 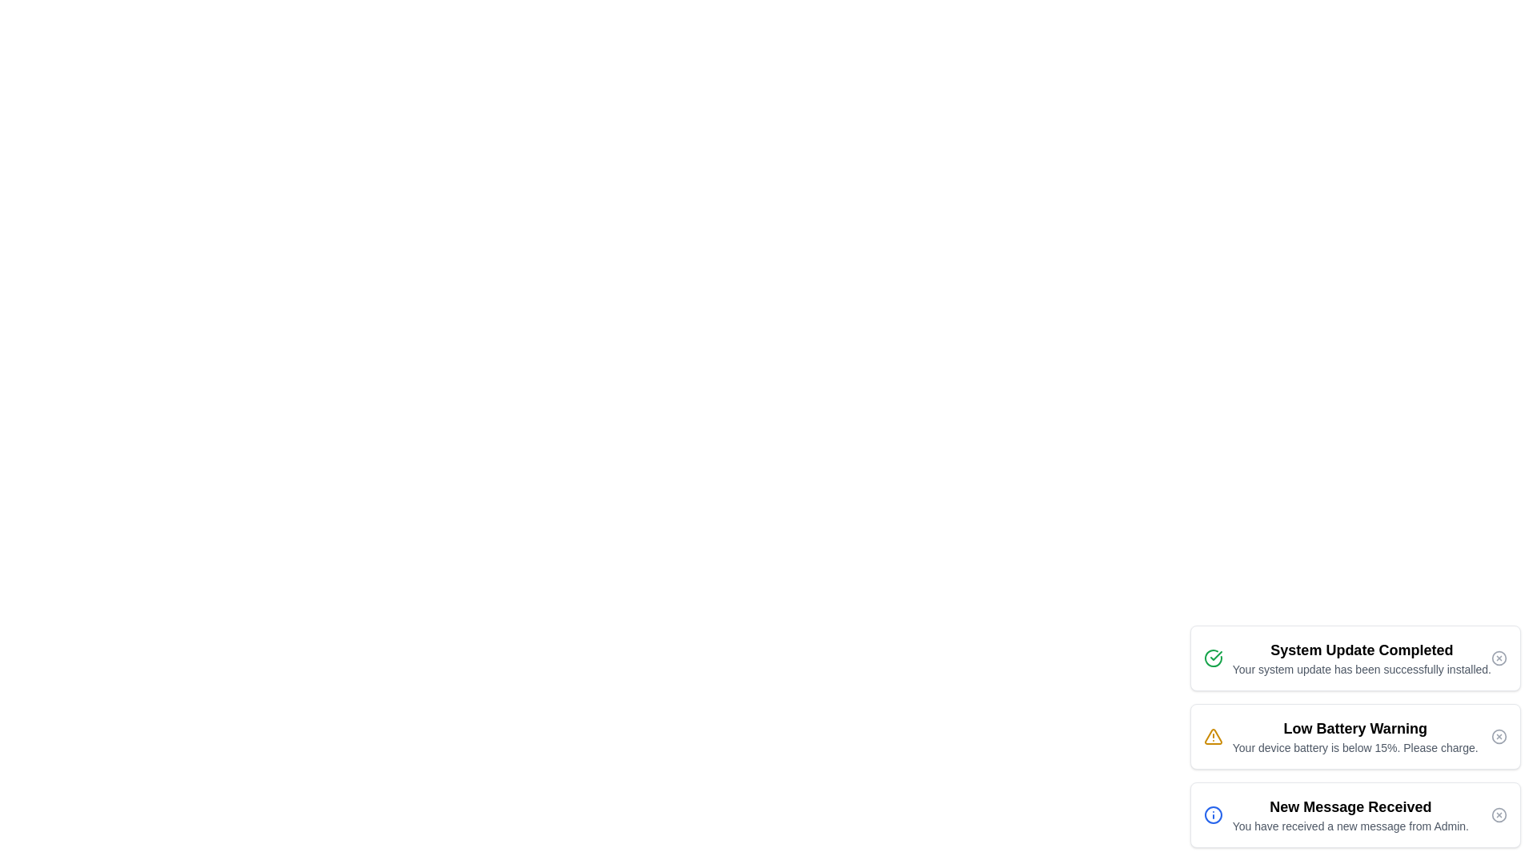 I want to click on the icon button at the far-right edge of the 'Low Battery Warning' notification card, so click(x=1498, y=737).